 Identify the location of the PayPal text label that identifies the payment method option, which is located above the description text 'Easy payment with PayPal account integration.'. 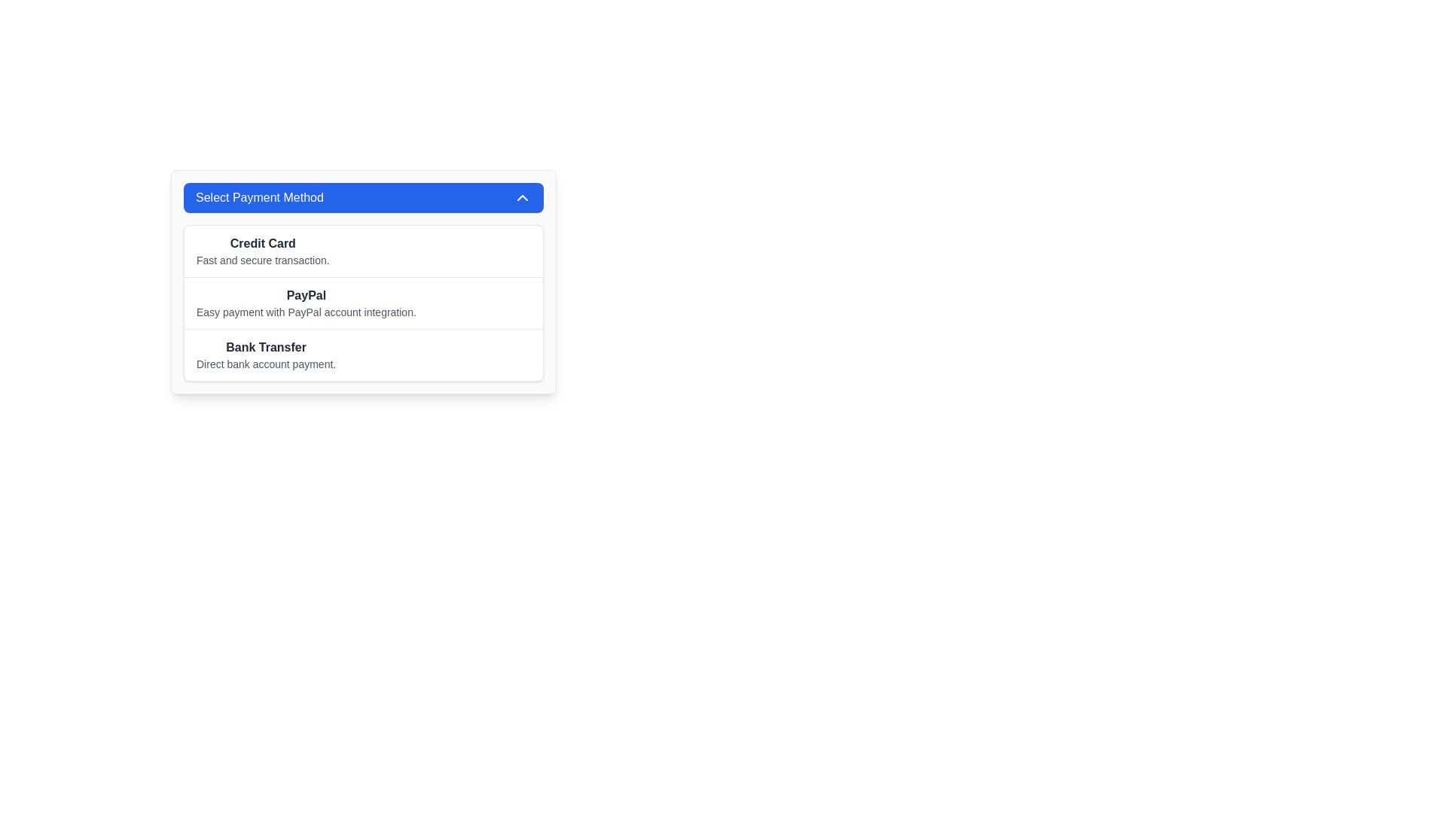
(305, 295).